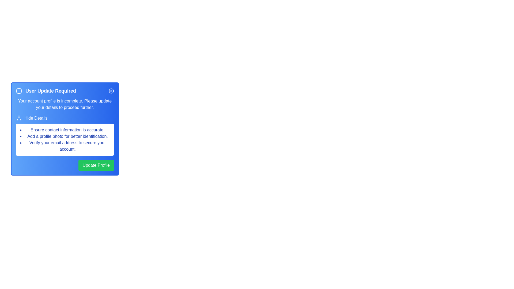  Describe the element at coordinates (36, 118) in the screenshot. I see `the 'Hide Details' button to toggle the visibility of the details section` at that location.